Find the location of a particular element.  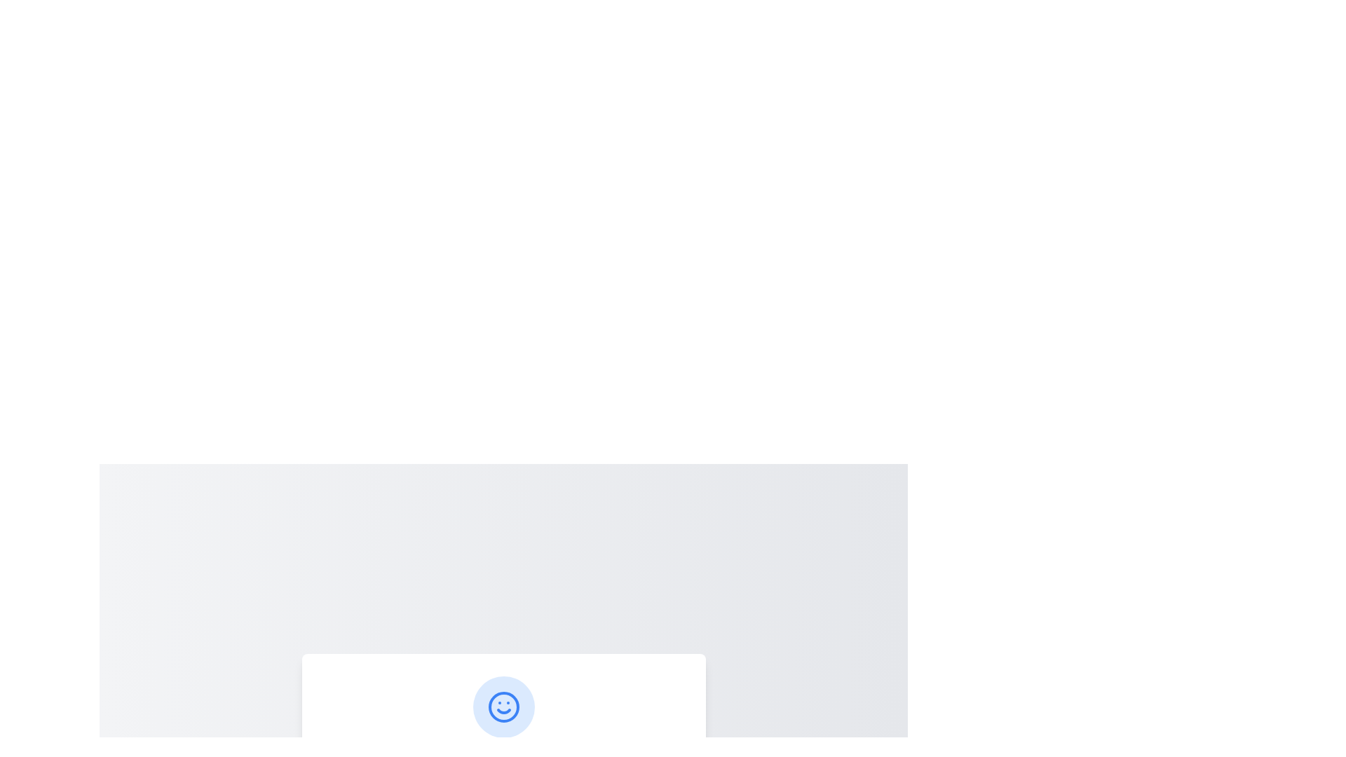

the blue circular outline of the smiley face icon, which is centered around the larger smiling face element is located at coordinates (503, 707).